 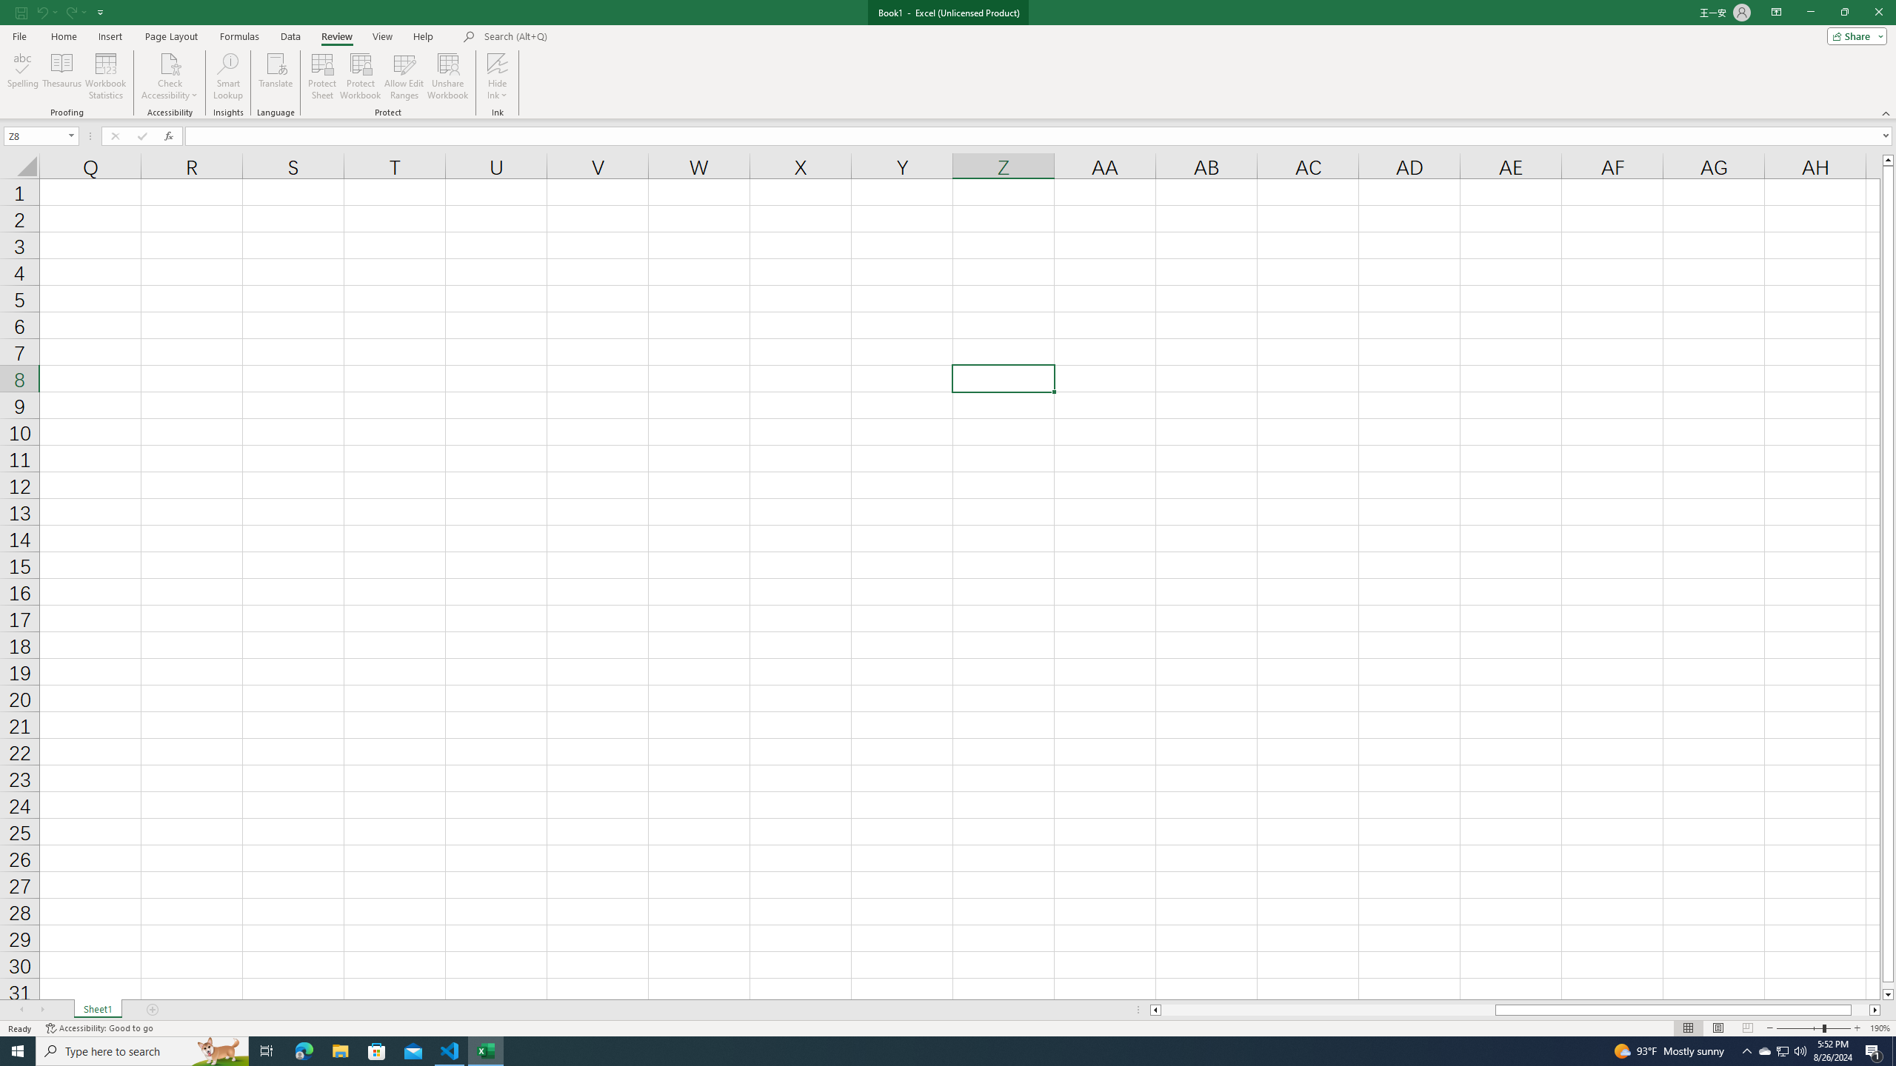 What do you see at coordinates (169, 62) in the screenshot?
I see `'Check Accessibility'` at bounding box center [169, 62].